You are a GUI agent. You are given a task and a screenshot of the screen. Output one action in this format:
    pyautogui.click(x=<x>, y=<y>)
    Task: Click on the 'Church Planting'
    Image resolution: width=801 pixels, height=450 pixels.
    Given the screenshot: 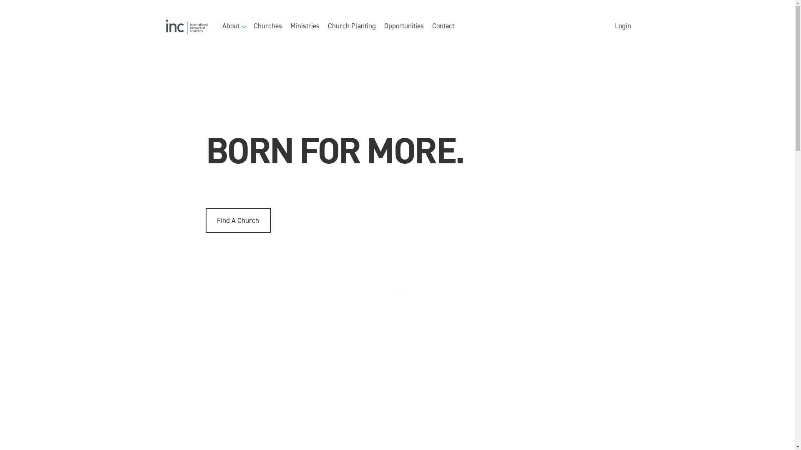 What is the action you would take?
    pyautogui.click(x=327, y=26)
    